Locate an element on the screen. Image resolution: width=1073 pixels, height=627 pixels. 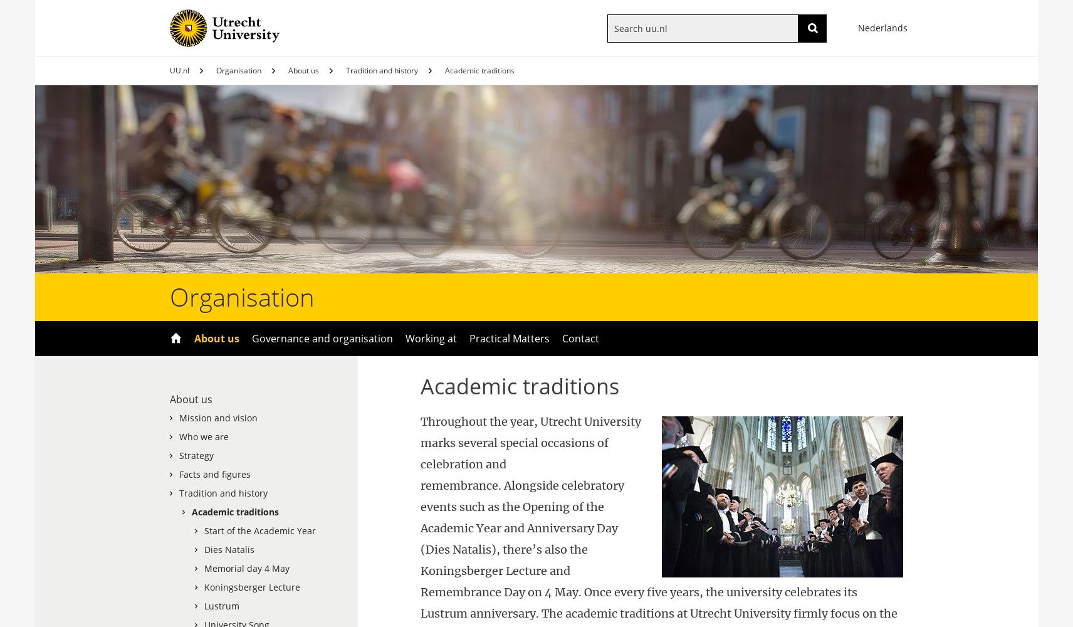
'Practical Matters' is located at coordinates (469, 339).